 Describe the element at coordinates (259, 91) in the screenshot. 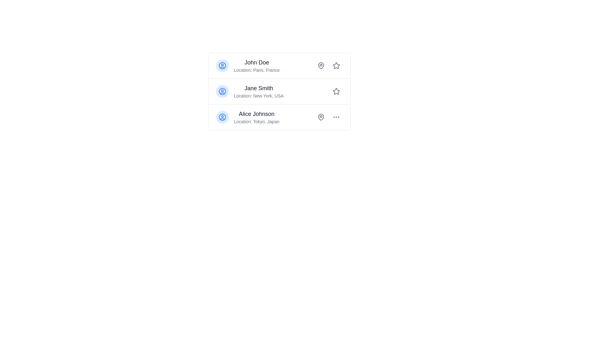

I see `the user profile display showing 'Jane Smith' located between 'John Doe' and 'Alice Johnson' in the vertical list` at that location.